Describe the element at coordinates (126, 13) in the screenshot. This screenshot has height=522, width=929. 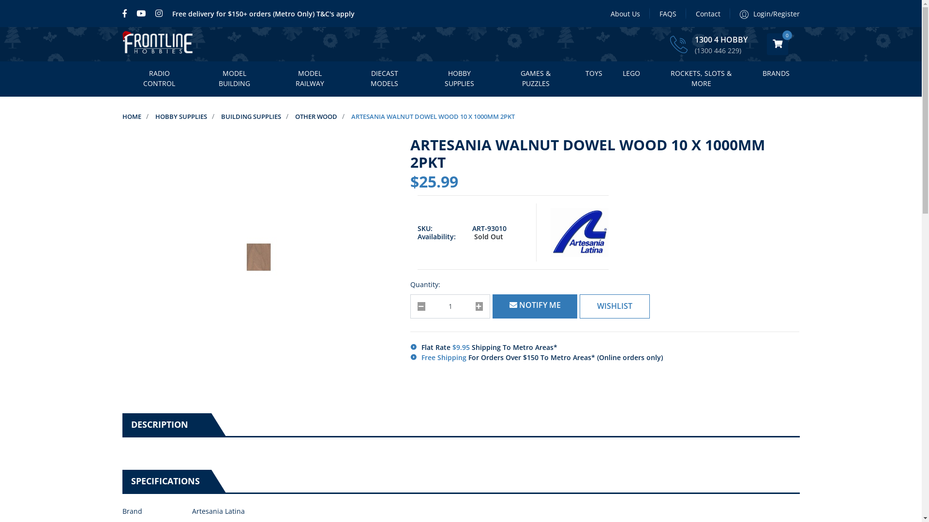
I see `'Frontline Hobbies on Facebook'` at that location.